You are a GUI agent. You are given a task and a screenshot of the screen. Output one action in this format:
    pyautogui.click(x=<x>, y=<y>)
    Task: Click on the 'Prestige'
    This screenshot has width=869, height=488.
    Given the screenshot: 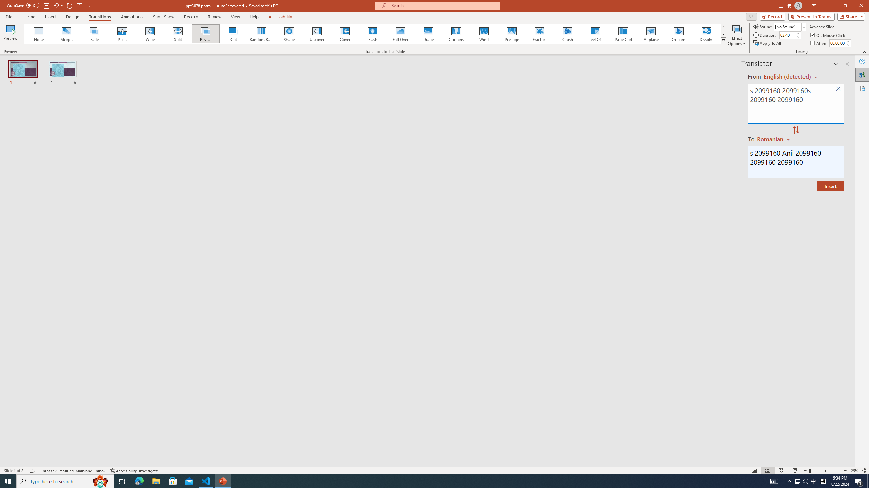 What is the action you would take?
    pyautogui.click(x=512, y=34)
    